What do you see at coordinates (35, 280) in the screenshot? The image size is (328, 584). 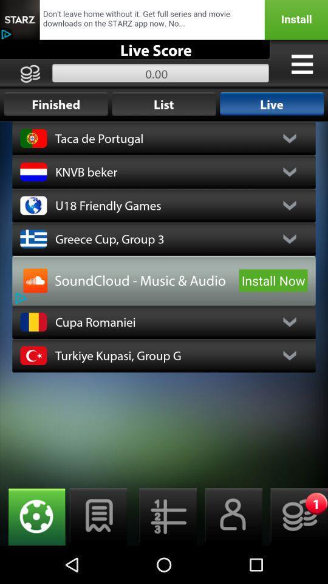 I see `advertisement` at bounding box center [35, 280].